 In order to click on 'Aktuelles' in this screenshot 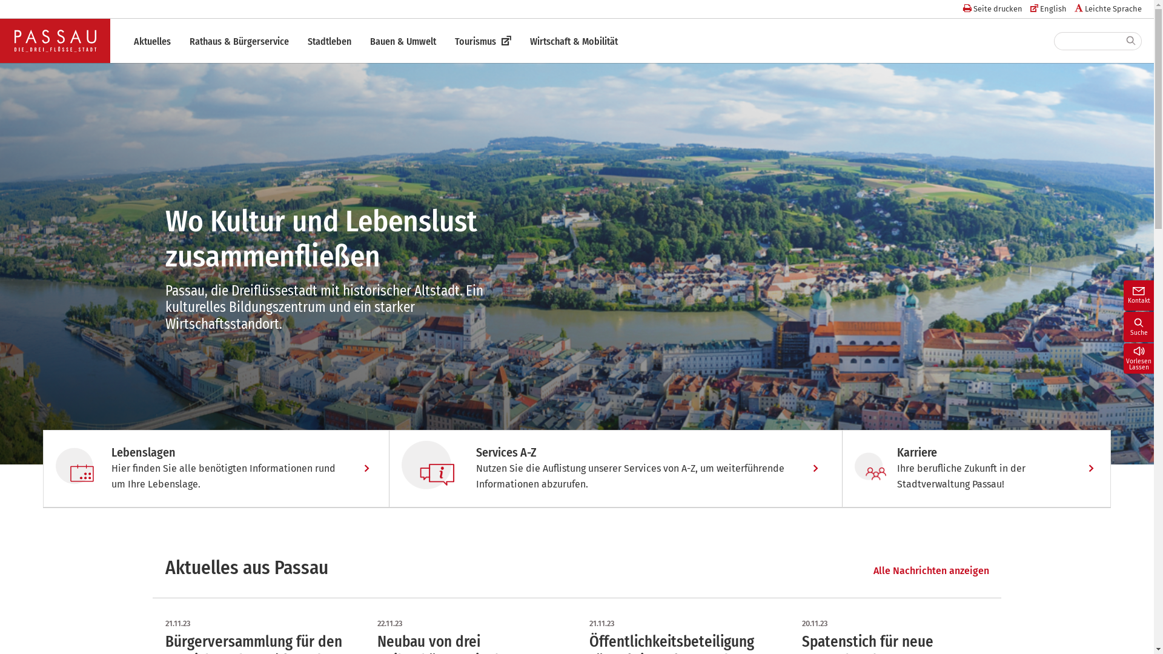, I will do `click(151, 41)`.